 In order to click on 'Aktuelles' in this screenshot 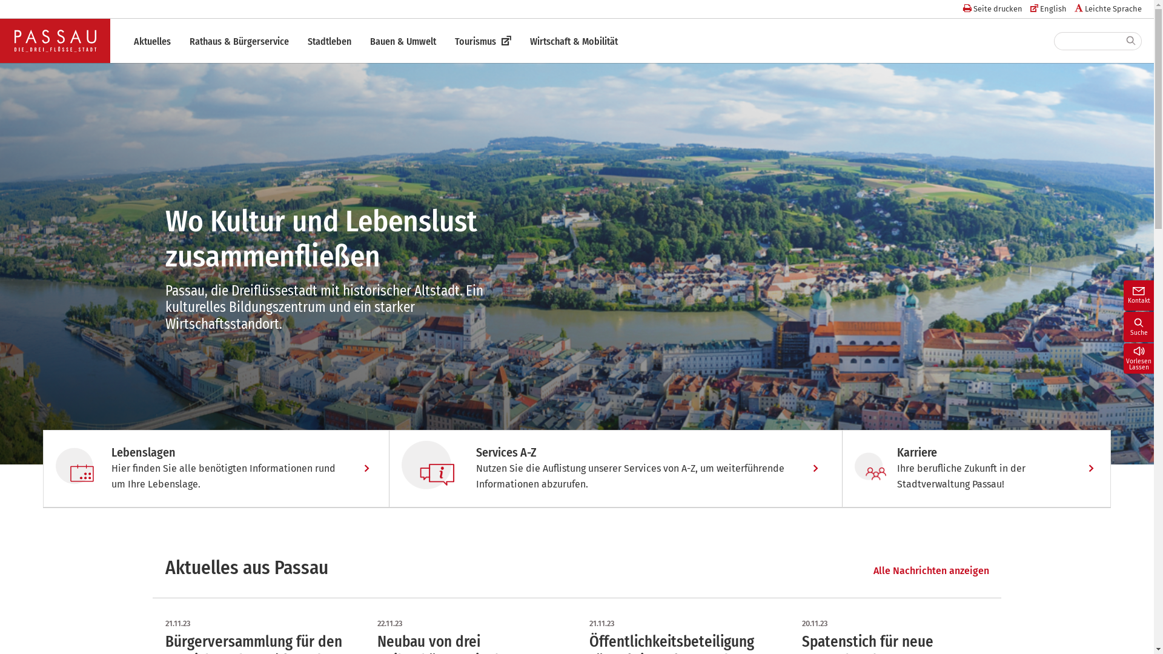, I will do `click(151, 41)`.